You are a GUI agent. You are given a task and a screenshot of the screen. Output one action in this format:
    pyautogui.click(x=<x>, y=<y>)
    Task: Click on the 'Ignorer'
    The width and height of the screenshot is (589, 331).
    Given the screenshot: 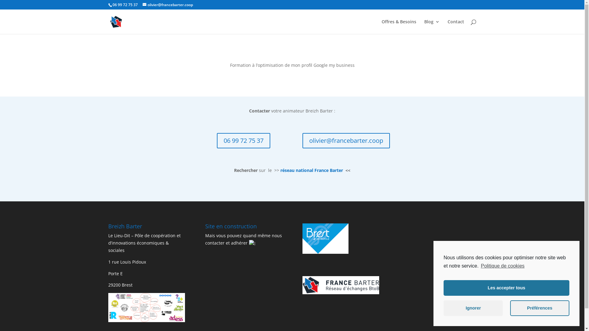 What is the action you would take?
    pyautogui.click(x=443, y=308)
    